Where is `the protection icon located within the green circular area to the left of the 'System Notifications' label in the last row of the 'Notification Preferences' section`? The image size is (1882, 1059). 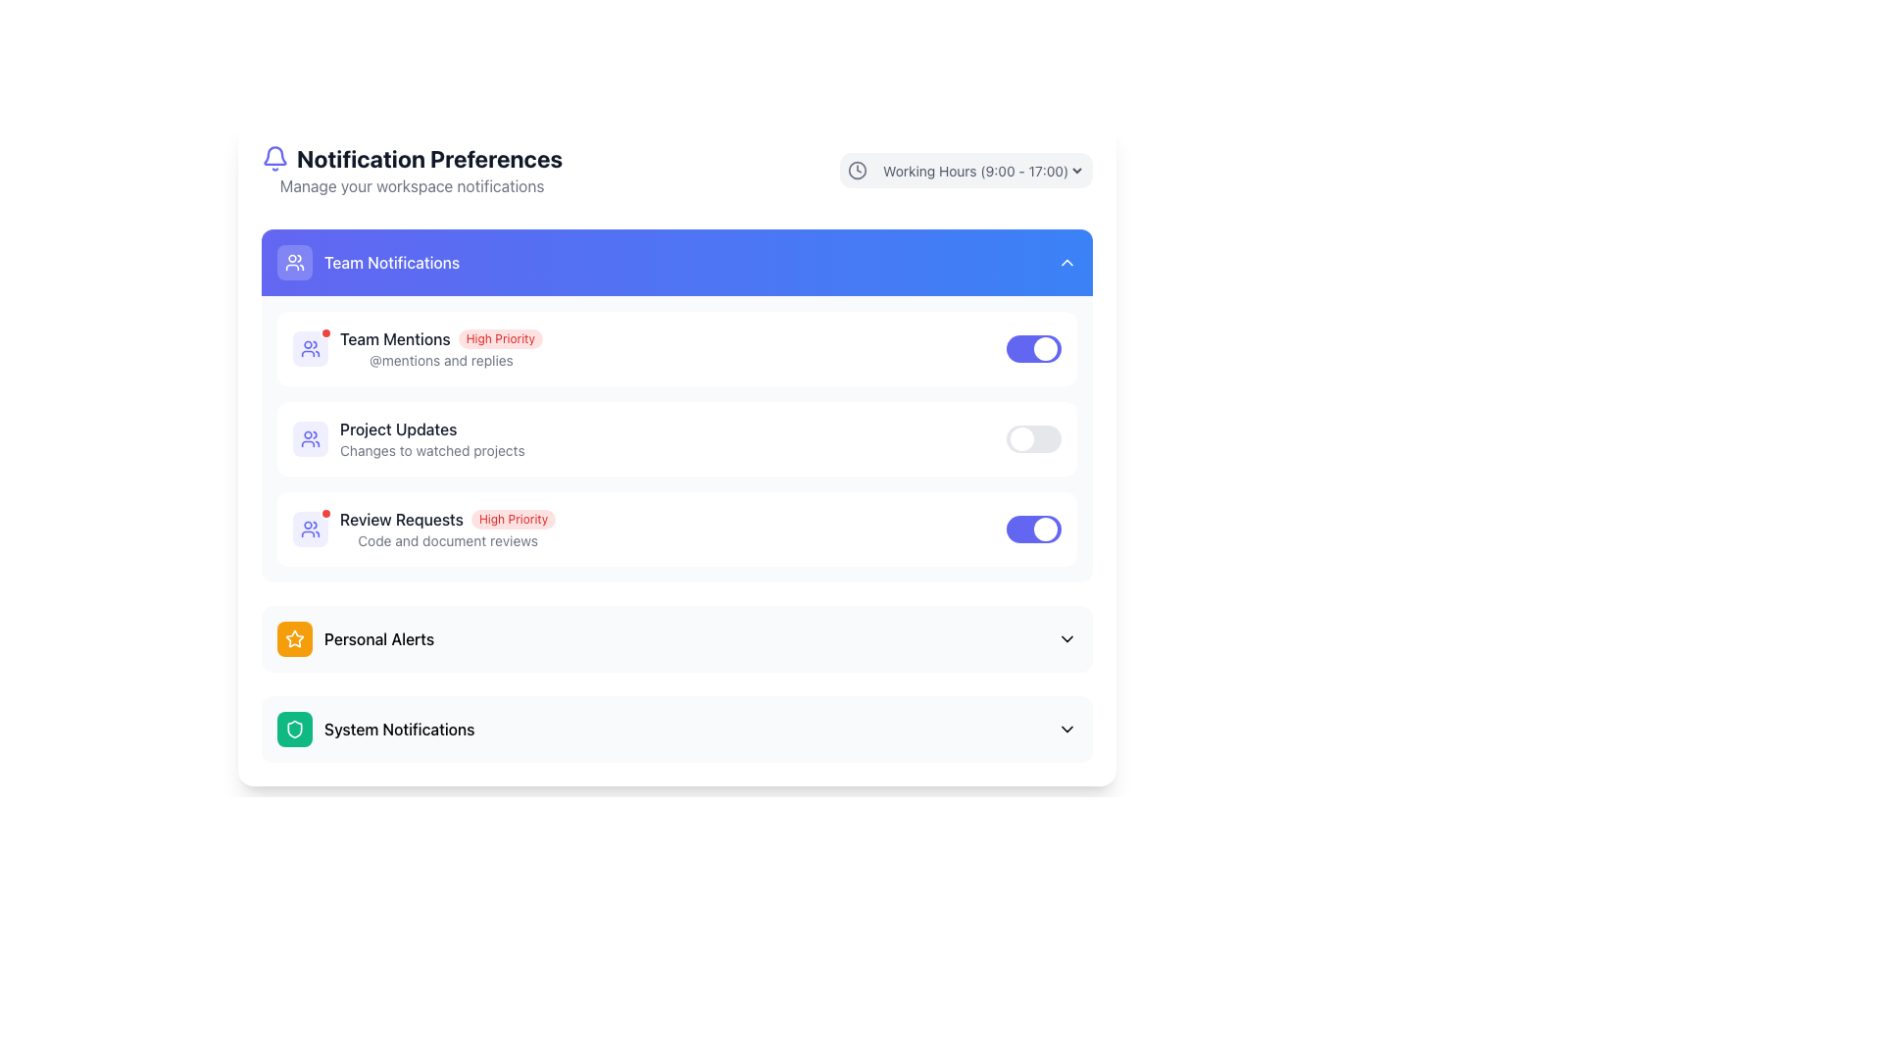
the protection icon located within the green circular area to the left of the 'System Notifications' label in the last row of the 'Notification Preferences' section is located at coordinates (294, 730).